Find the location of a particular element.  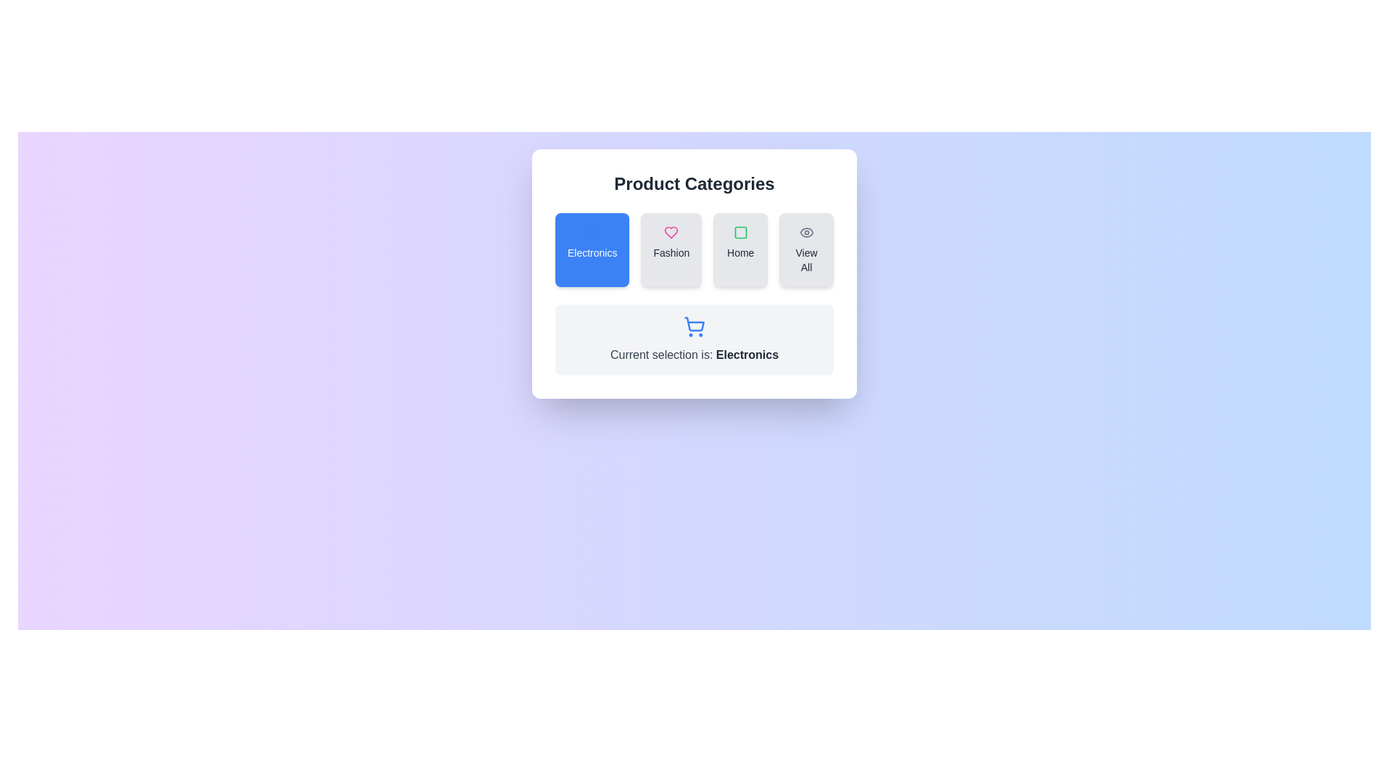

the informational text label that updates the user about the current selection in product categories, located below the shopping cart icon is located at coordinates (694, 355).